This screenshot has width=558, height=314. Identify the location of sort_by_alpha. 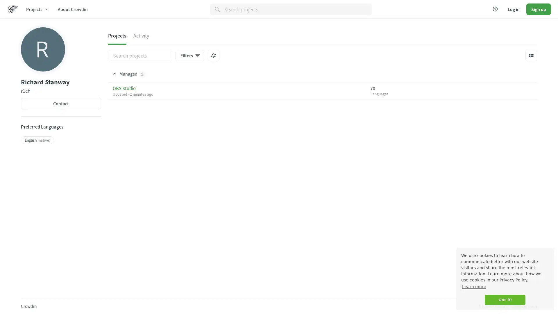
(213, 56).